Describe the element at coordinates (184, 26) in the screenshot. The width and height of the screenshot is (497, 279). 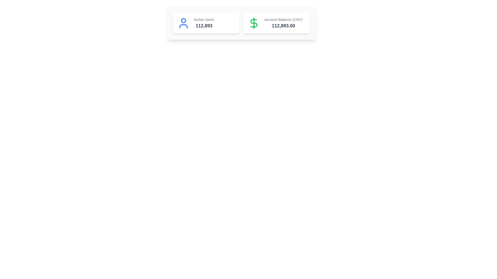
I see `the graphic representation of the lower part of the human figure icon, which is part of a user icon, located in the leftmost card above the text 'Active Users' and '112,893'` at that location.